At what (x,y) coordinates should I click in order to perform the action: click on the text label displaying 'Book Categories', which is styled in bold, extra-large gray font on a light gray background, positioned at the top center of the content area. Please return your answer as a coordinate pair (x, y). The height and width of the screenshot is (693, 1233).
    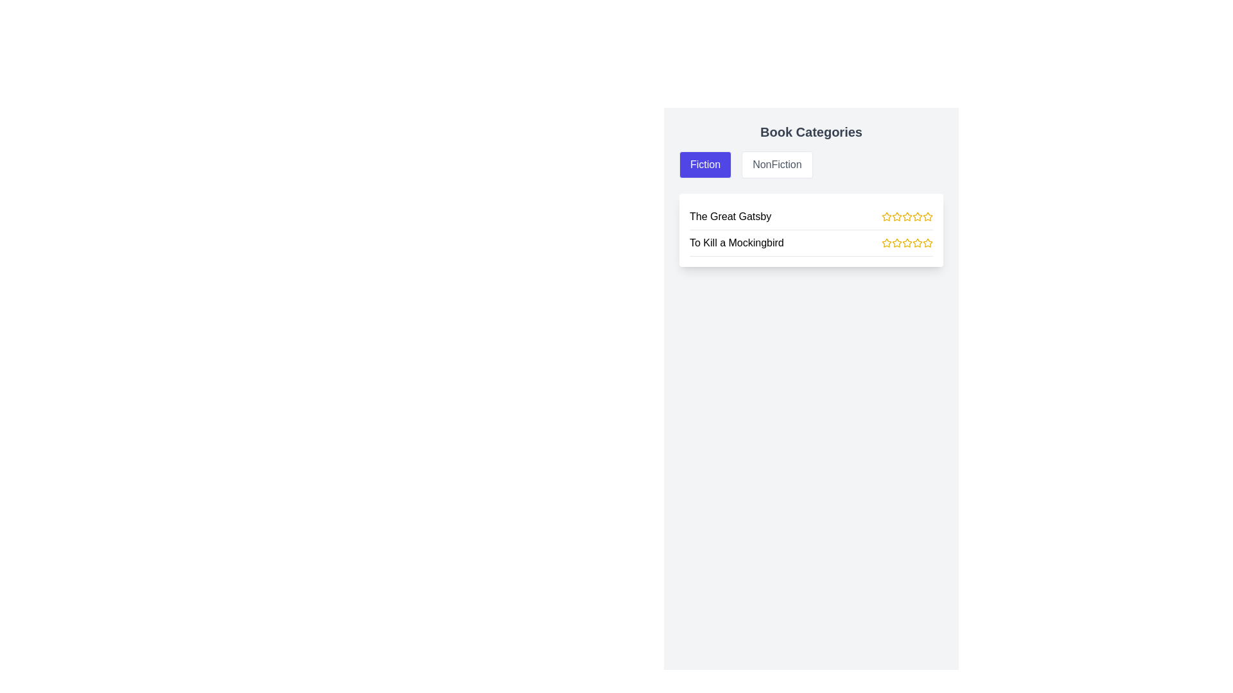
    Looking at the image, I should click on (810, 132).